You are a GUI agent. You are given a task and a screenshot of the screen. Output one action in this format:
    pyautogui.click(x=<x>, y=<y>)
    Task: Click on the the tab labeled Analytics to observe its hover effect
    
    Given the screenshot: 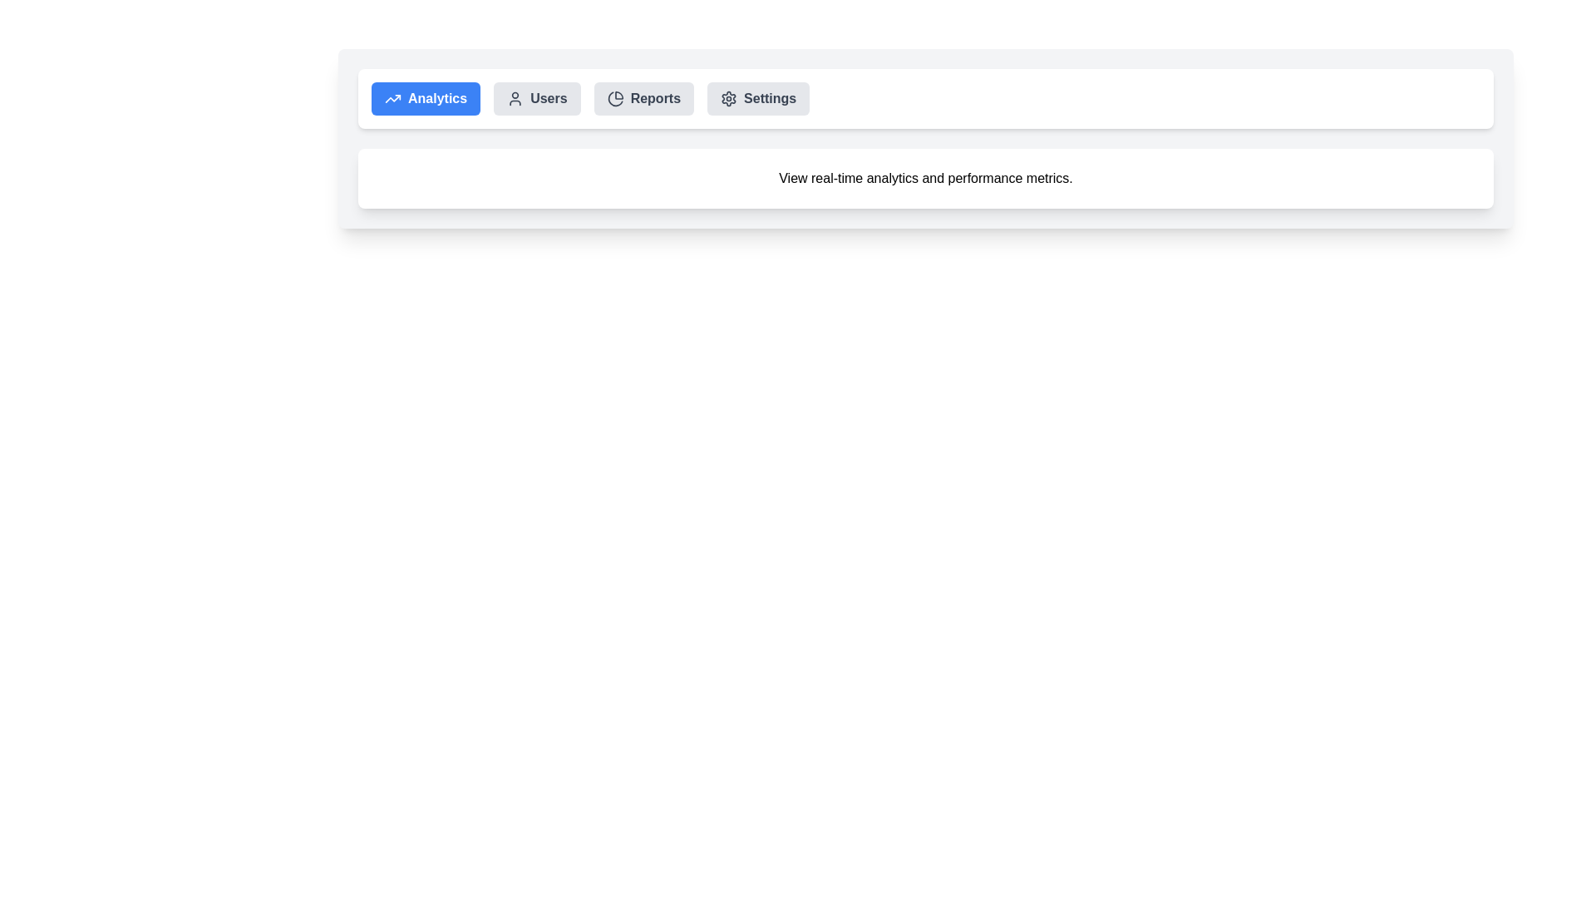 What is the action you would take?
    pyautogui.click(x=426, y=99)
    